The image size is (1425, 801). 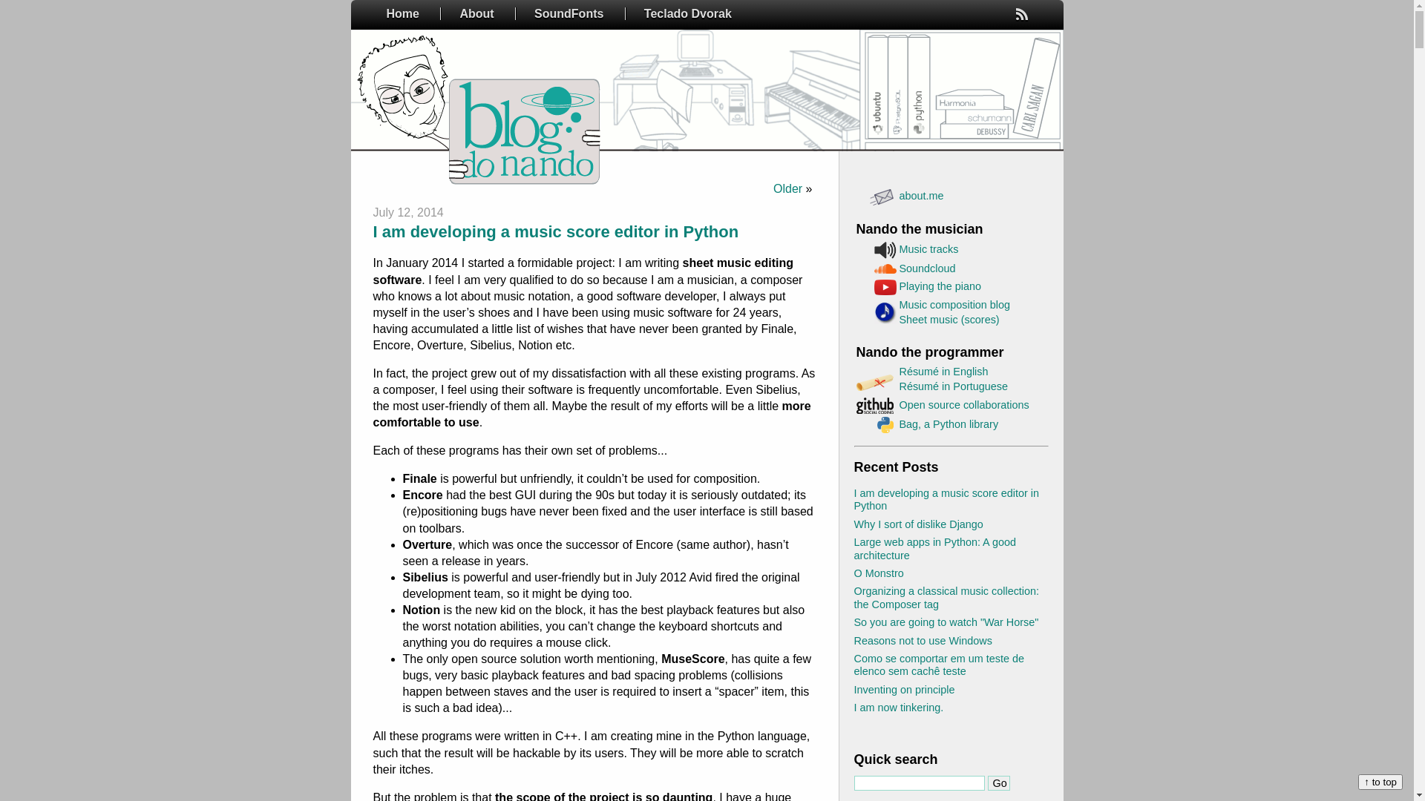 I want to click on 'Soundcloud', so click(x=898, y=268).